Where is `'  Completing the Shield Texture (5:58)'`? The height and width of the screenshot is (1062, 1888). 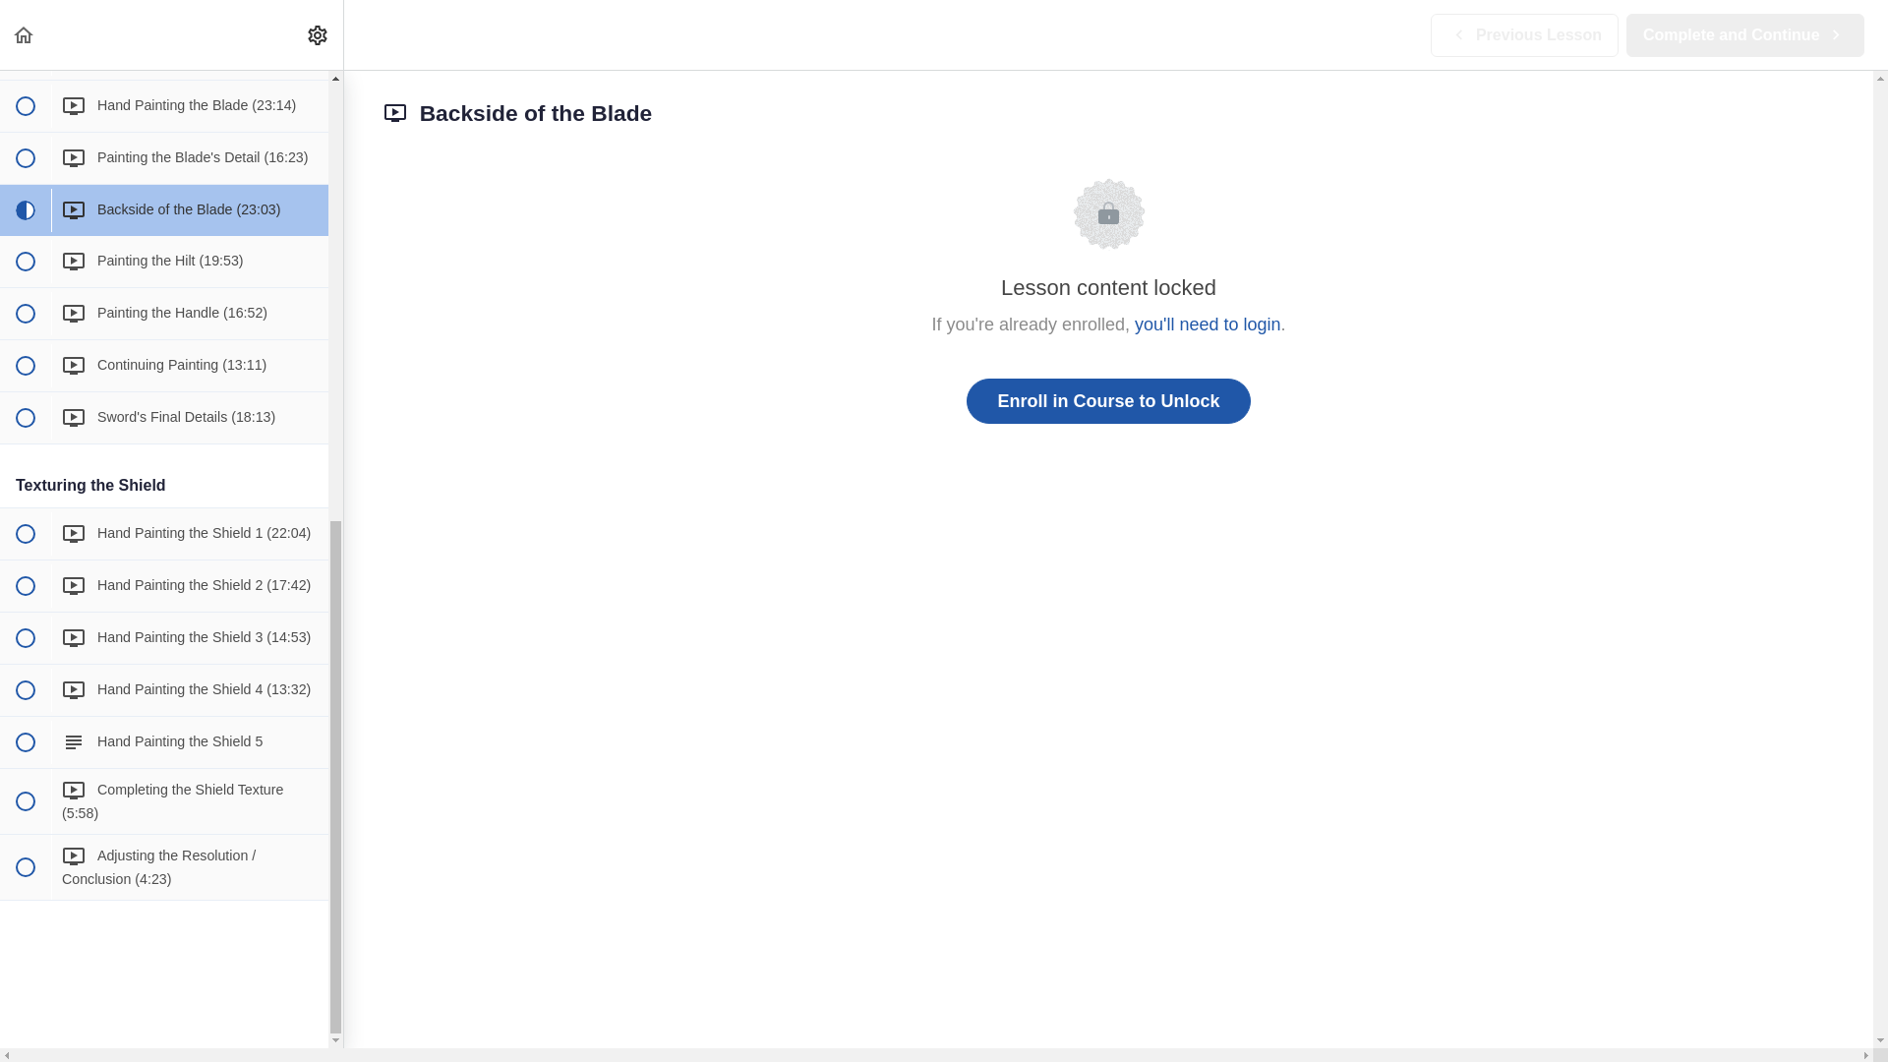
'  Completing the Shield Texture (5:58)' is located at coordinates (164, 800).